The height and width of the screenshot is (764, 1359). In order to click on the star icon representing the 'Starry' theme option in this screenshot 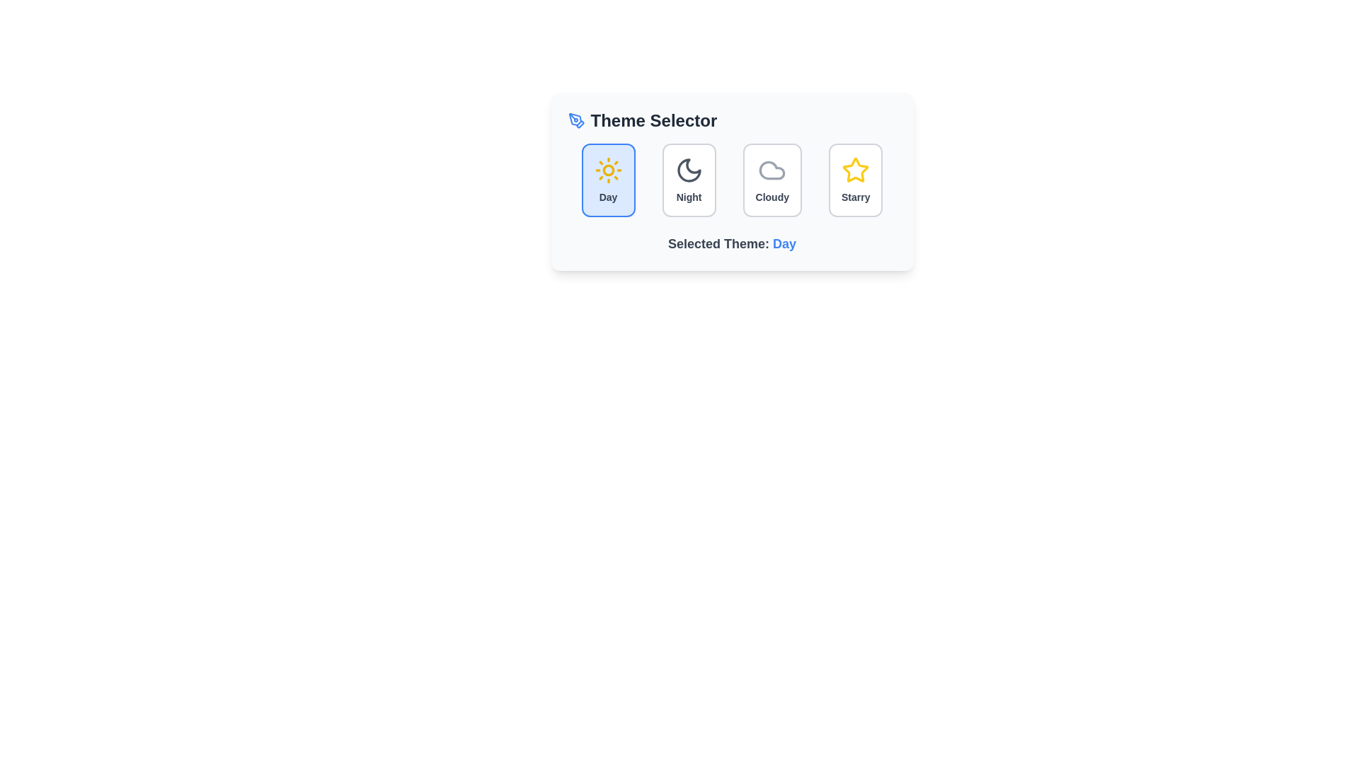, I will do `click(855, 169)`.